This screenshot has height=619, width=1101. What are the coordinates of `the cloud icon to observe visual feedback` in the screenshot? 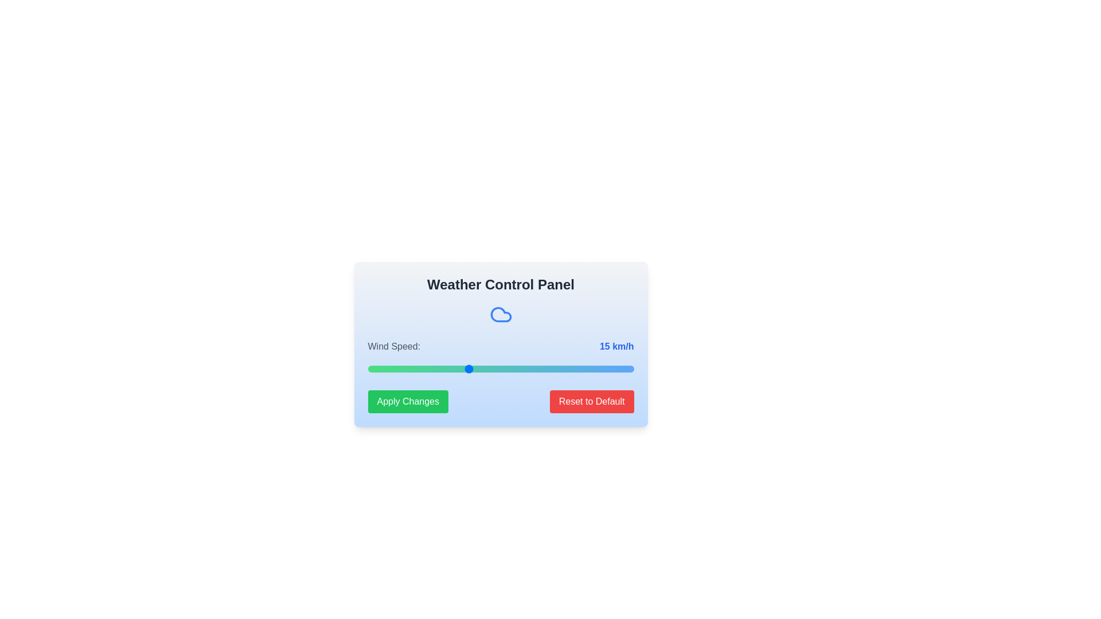 It's located at (501, 314).